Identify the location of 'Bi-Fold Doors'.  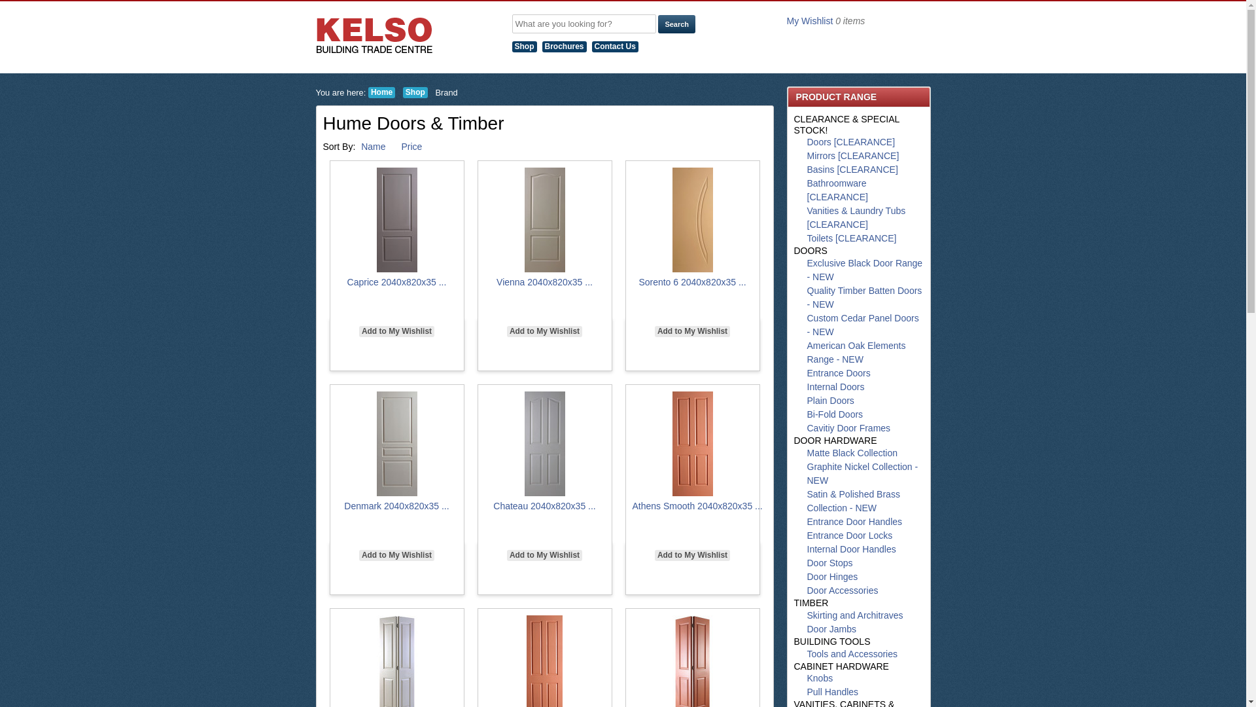
(834, 414).